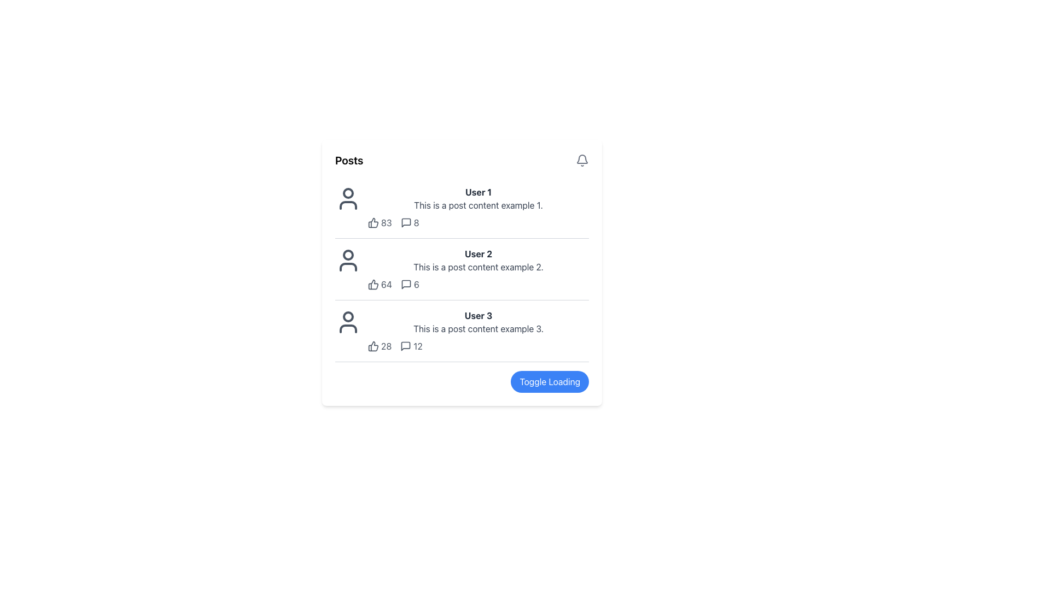  What do you see at coordinates (348, 316) in the screenshot?
I see `the circular graphical element located in the head area of the user profile icon, which is the third in a vertical list on the left side of the content card, adjacent to 'User 3'` at bounding box center [348, 316].